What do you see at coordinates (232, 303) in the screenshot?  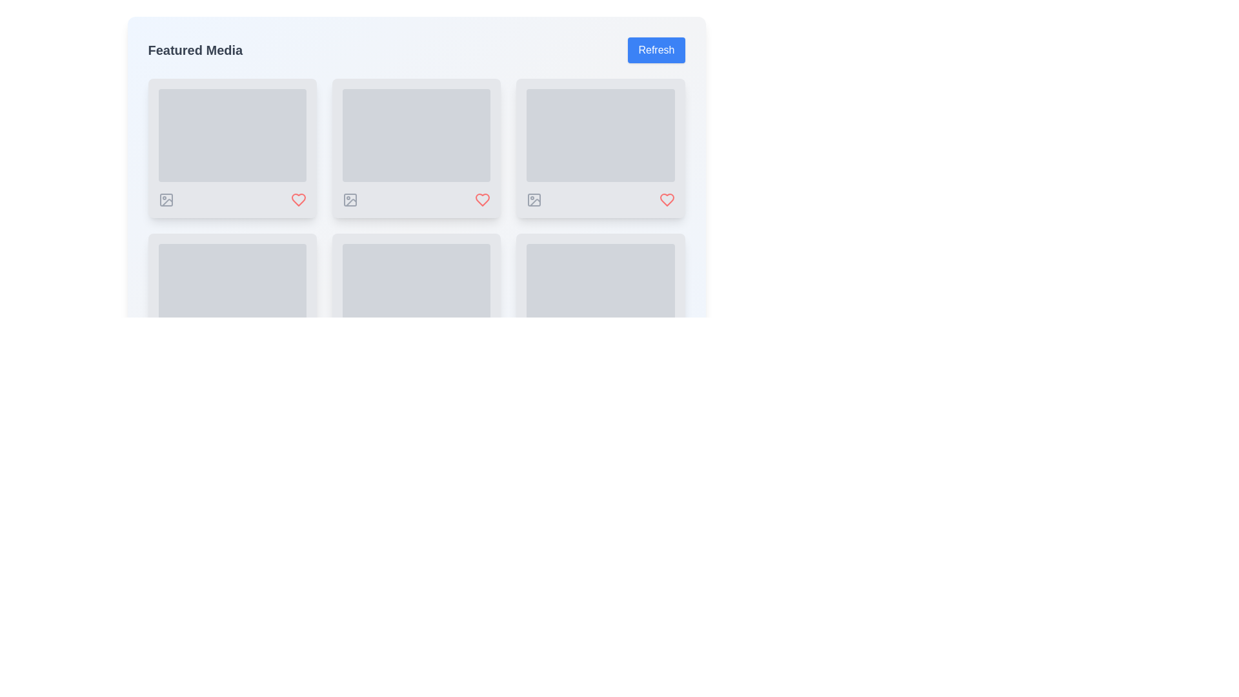 I see `the Media placeholder card located in the second row, first column of the grid layout` at bounding box center [232, 303].